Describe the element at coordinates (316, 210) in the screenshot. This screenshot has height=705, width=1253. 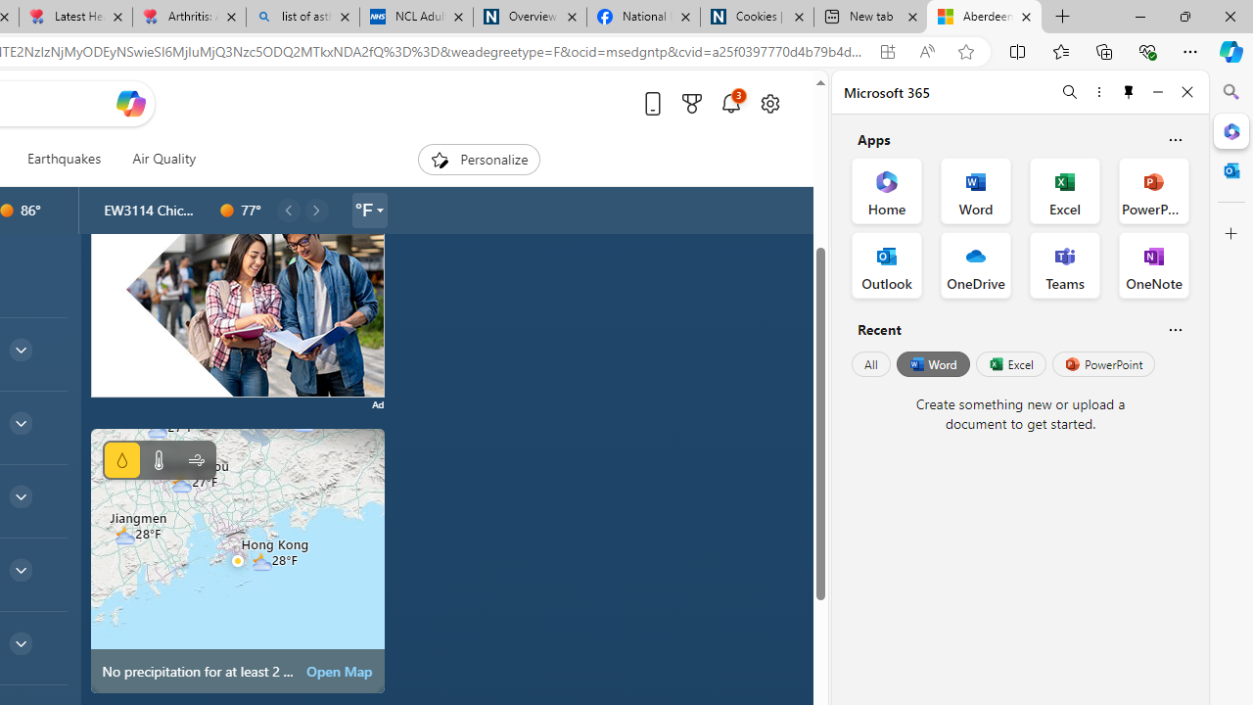
I see `'common/carouselChevron'` at that location.